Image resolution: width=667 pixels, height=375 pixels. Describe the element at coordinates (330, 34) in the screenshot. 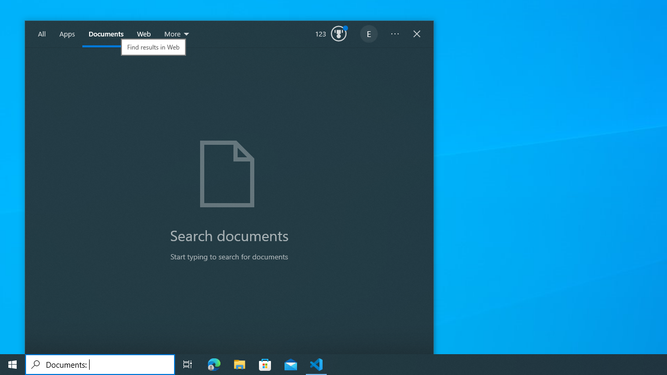

I see `'Microsoft Rewards balance: 123'` at that location.